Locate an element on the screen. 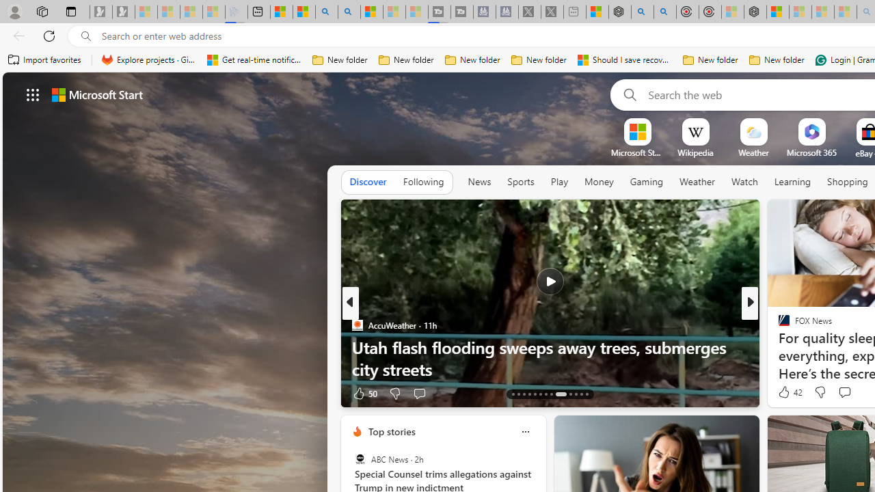 This screenshot has height=492, width=875. 'AutomationID: tab-22' is located at coordinates (569, 394).